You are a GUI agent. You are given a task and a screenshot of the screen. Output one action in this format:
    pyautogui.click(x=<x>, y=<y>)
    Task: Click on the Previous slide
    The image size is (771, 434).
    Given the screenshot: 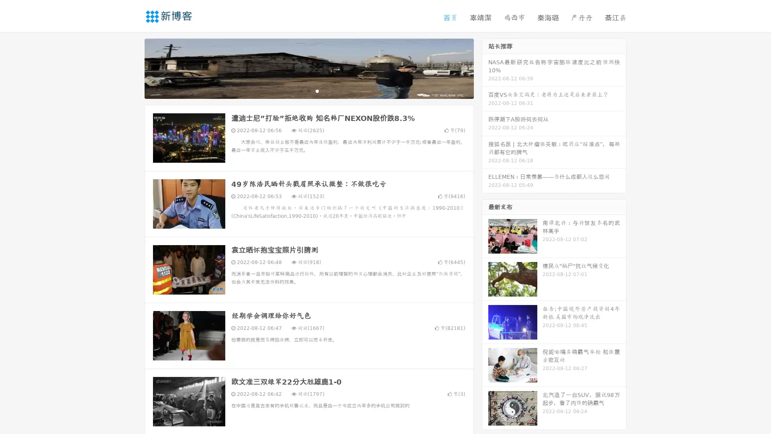 What is the action you would take?
    pyautogui.click(x=133, y=68)
    